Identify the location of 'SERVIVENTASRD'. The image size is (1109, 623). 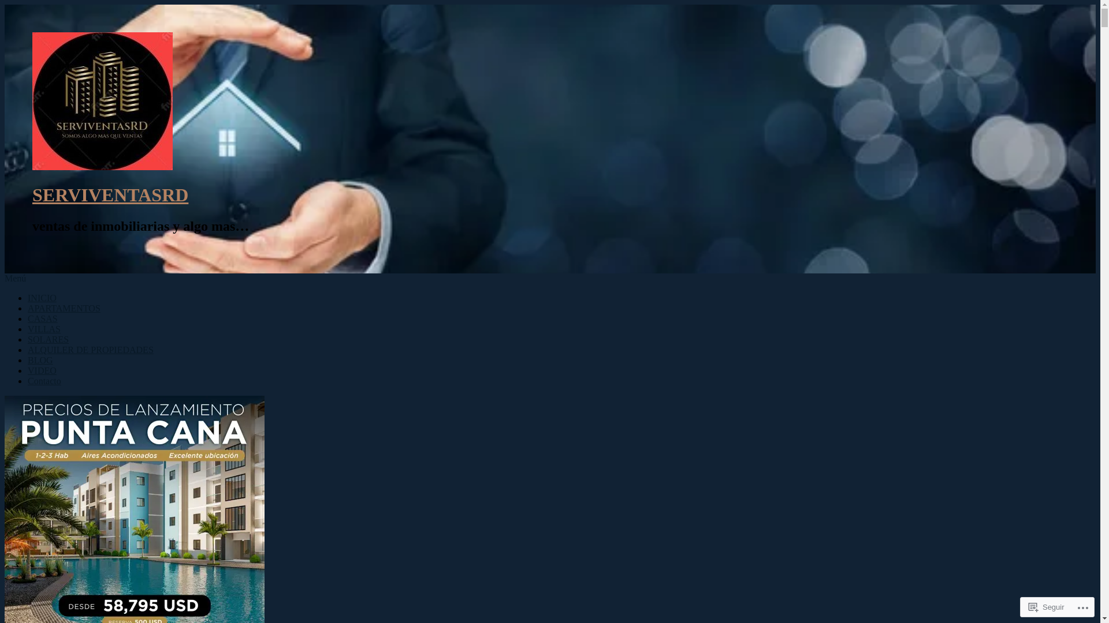
(110, 194).